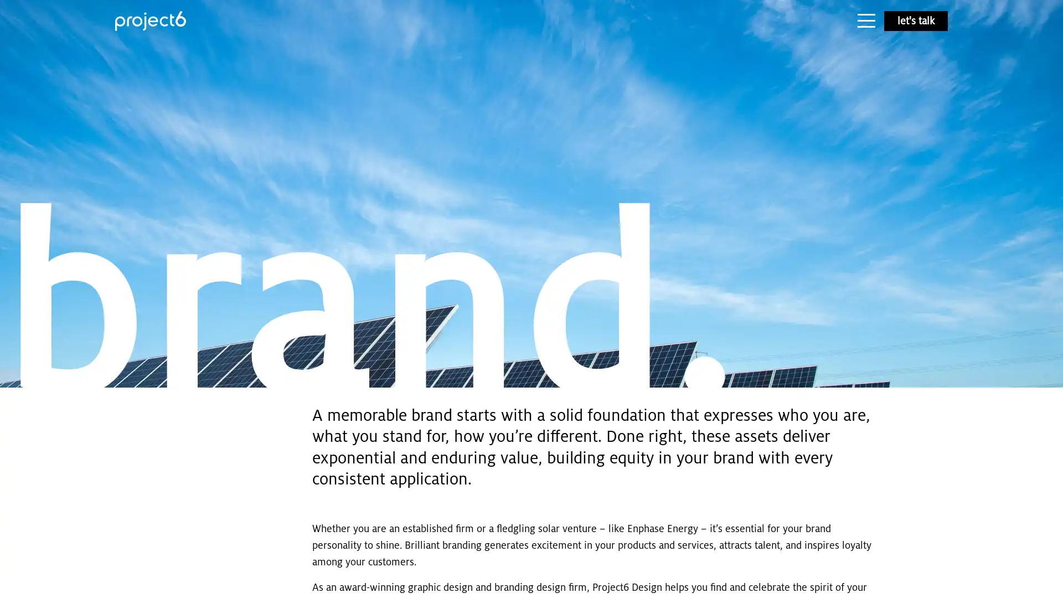 The width and height of the screenshot is (1063, 598). Describe the element at coordinates (916, 21) in the screenshot. I see `let's talk` at that location.